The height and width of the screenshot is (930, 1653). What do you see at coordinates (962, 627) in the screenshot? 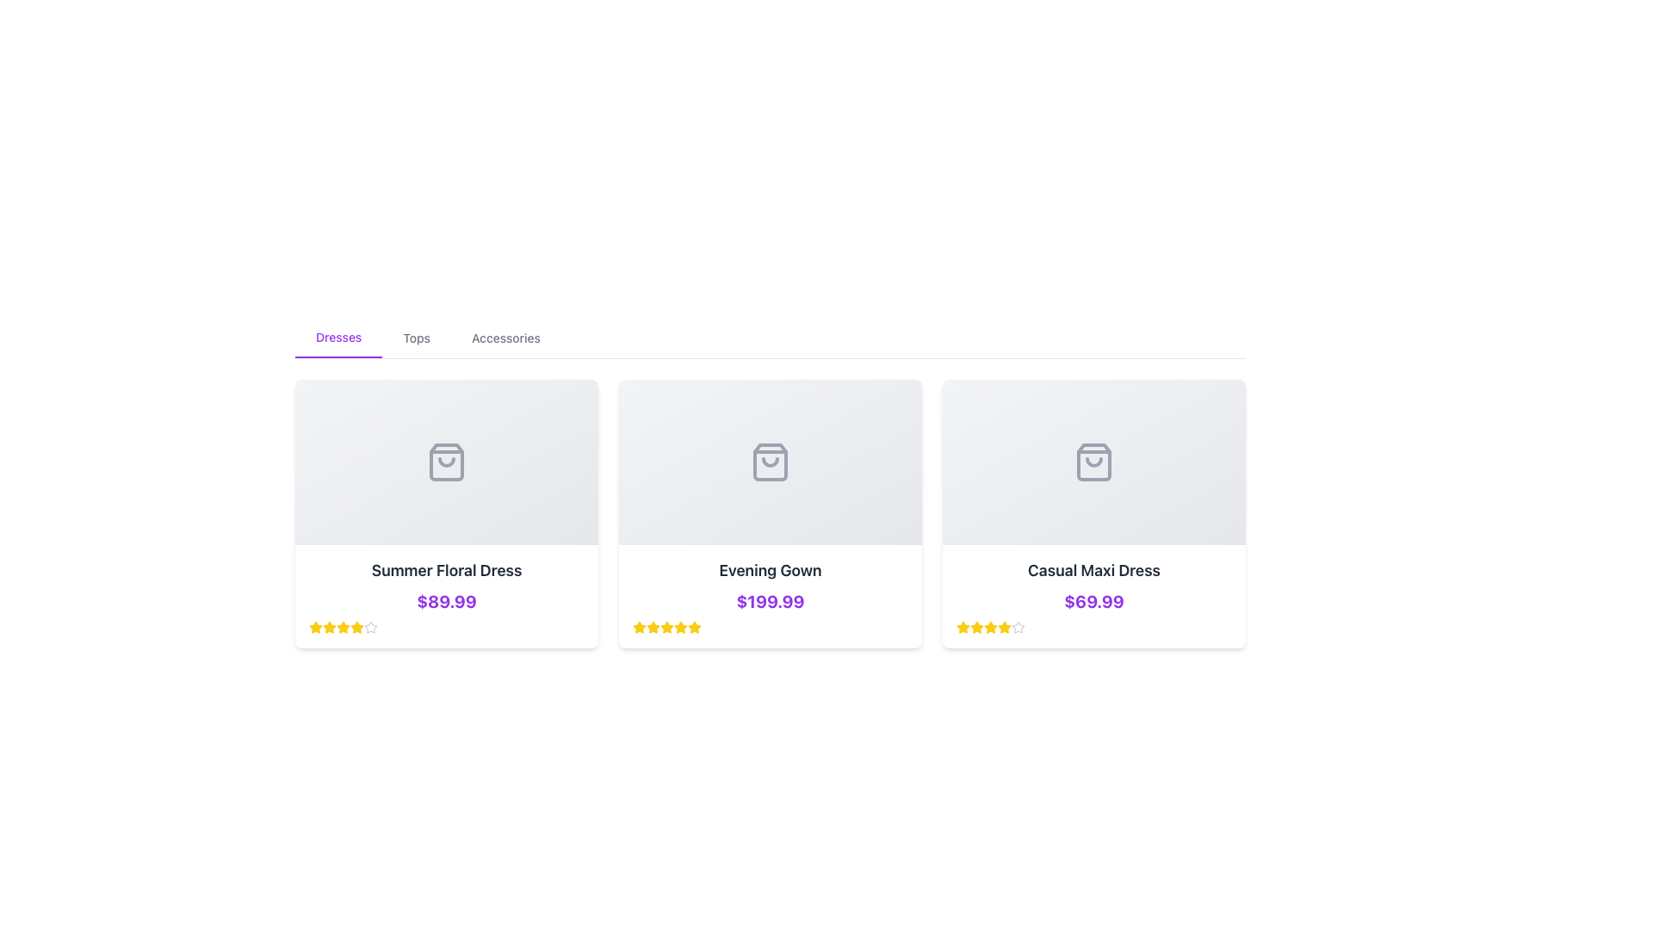
I see `the fourth star in the rating system for the 'Casual Maxi Dress' product` at bounding box center [962, 627].